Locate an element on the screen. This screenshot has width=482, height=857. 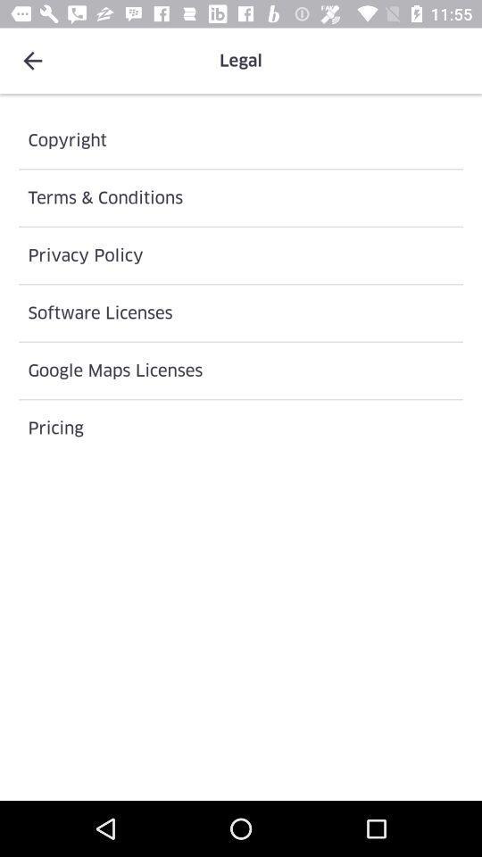
the terms & conditions item is located at coordinates (241, 197).